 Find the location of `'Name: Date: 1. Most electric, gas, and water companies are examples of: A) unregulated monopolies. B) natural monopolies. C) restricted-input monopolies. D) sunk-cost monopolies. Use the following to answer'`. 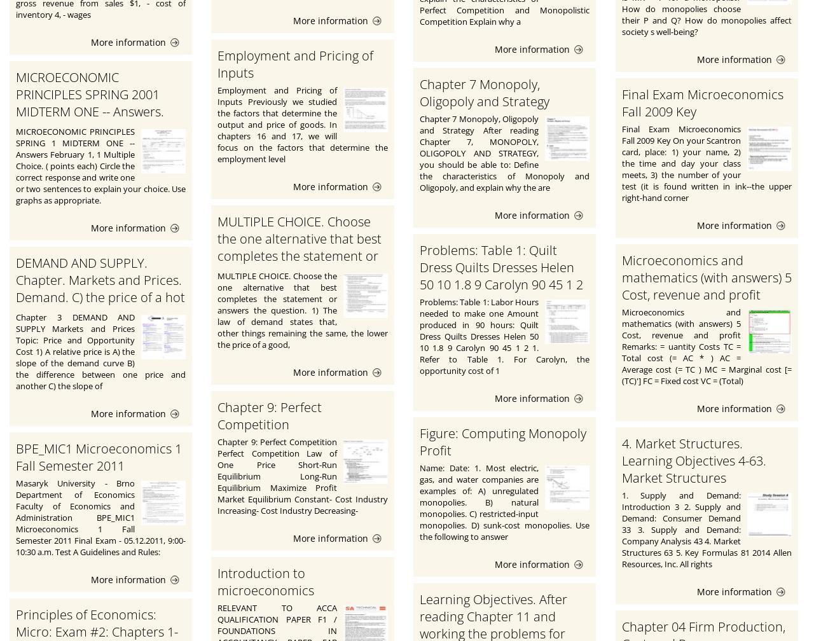

'Name: Date: 1. Most electric, gas, and water companies are examples of: A) unregulated monopolies. B) natural monopolies. C) restricted-input monopolies. D) sunk-cost monopolies. Use the following to answer' is located at coordinates (503, 502).